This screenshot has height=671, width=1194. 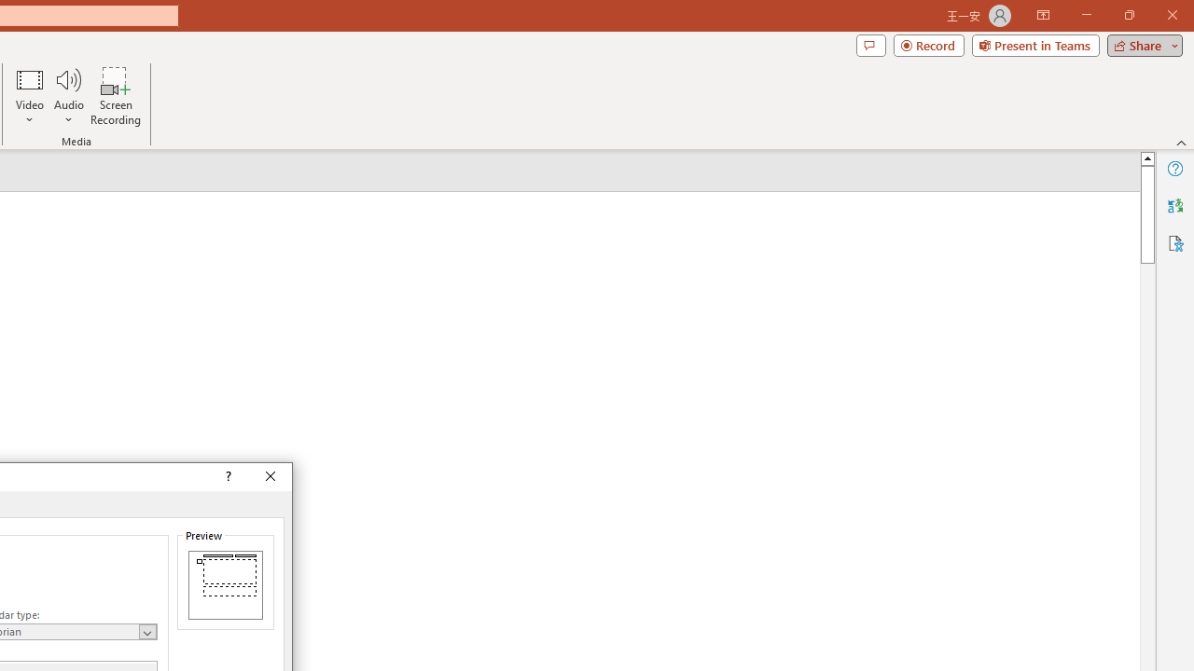 I want to click on 'Context help', so click(x=226, y=475).